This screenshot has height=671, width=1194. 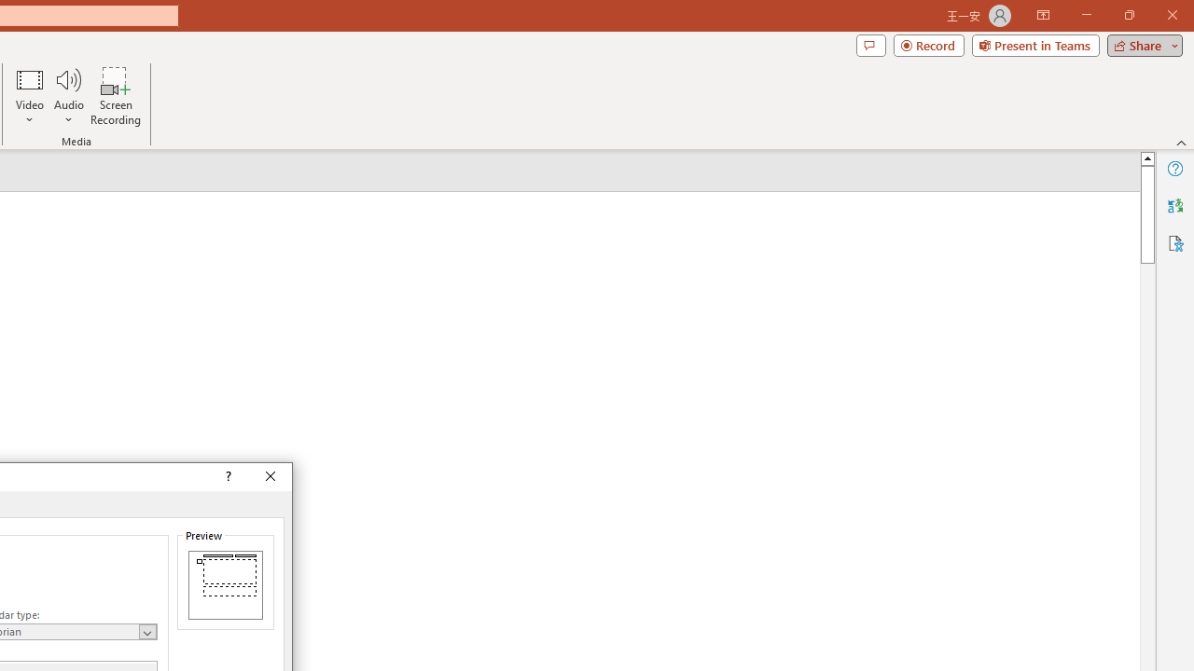 I want to click on 'Context help', so click(x=226, y=475).